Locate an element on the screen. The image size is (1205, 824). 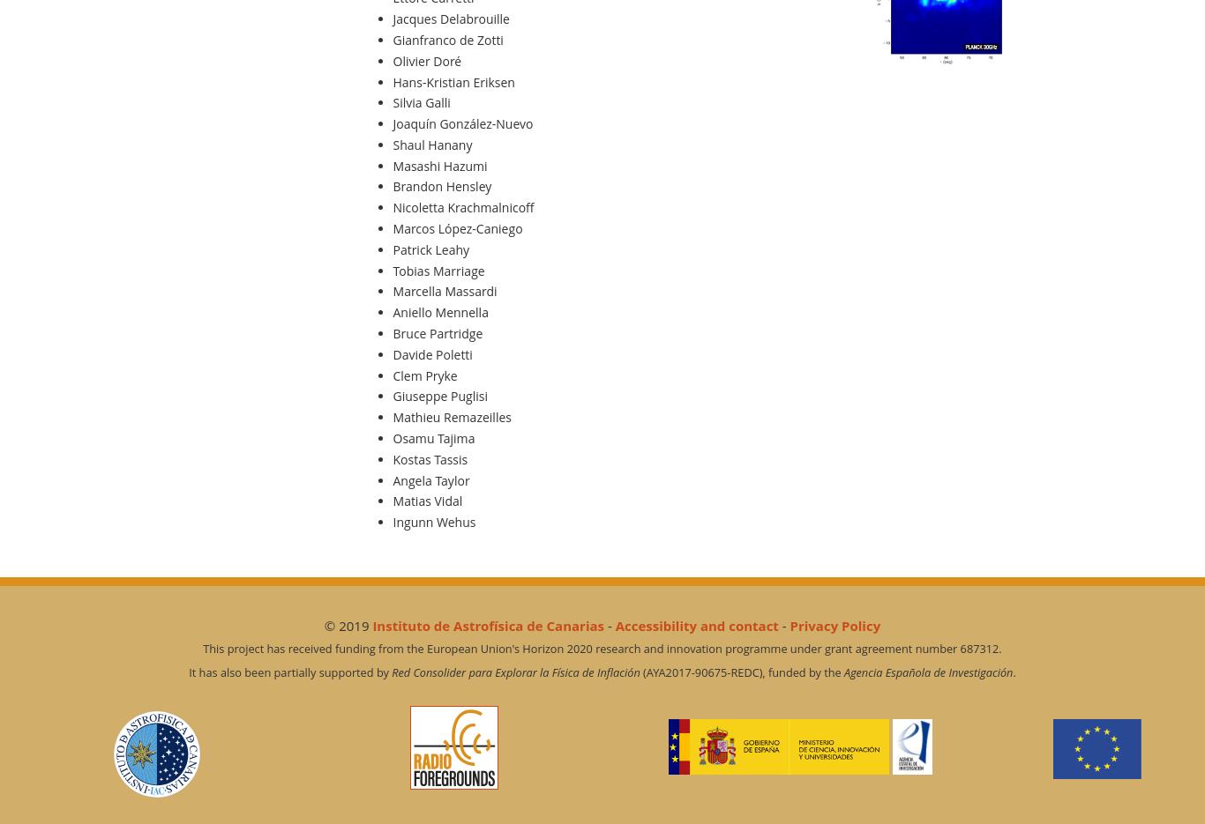
'Ingunn Wehus' is located at coordinates (434, 522).